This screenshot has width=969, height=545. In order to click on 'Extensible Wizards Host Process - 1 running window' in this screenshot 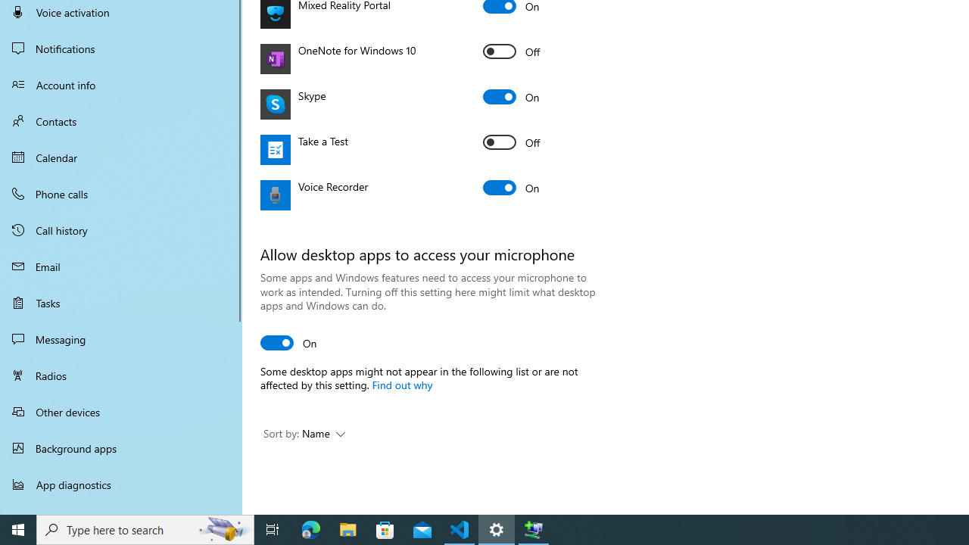, I will do `click(534, 528)`.